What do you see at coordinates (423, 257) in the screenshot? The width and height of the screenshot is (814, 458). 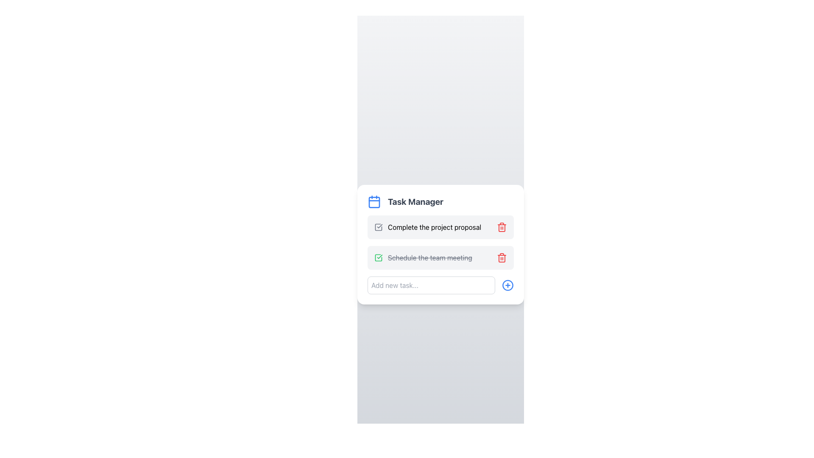 I see `the completed task item in the to-do list interface` at bounding box center [423, 257].